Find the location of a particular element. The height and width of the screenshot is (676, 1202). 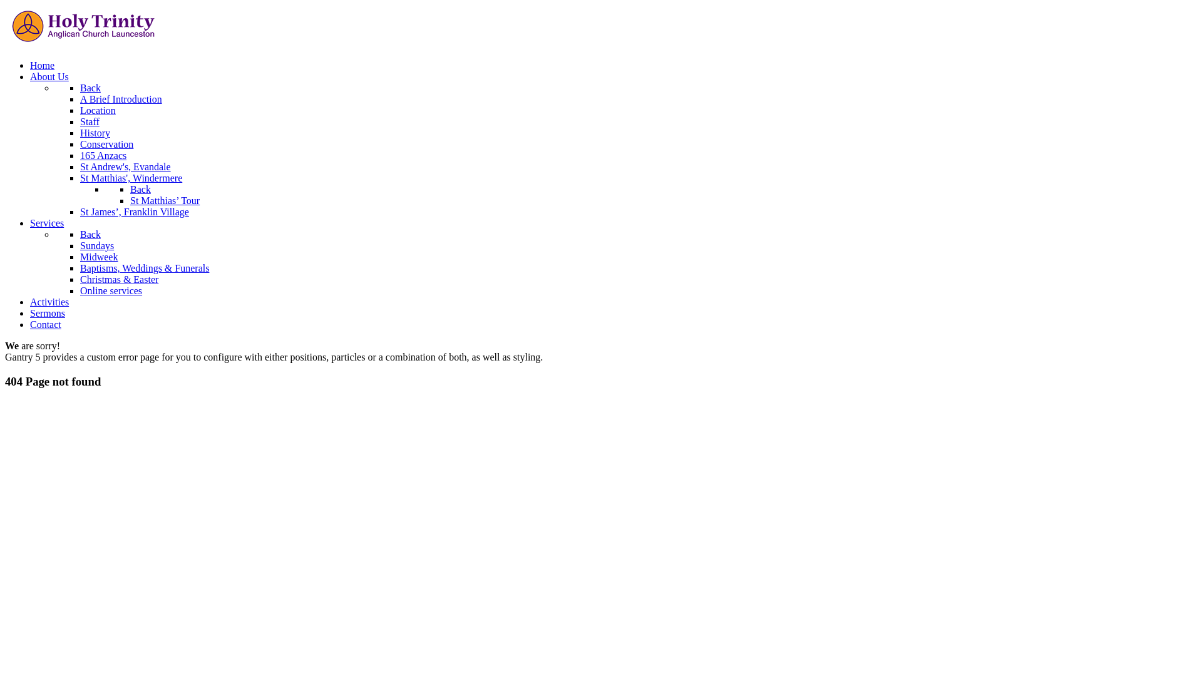

'Back' is located at coordinates (90, 87).